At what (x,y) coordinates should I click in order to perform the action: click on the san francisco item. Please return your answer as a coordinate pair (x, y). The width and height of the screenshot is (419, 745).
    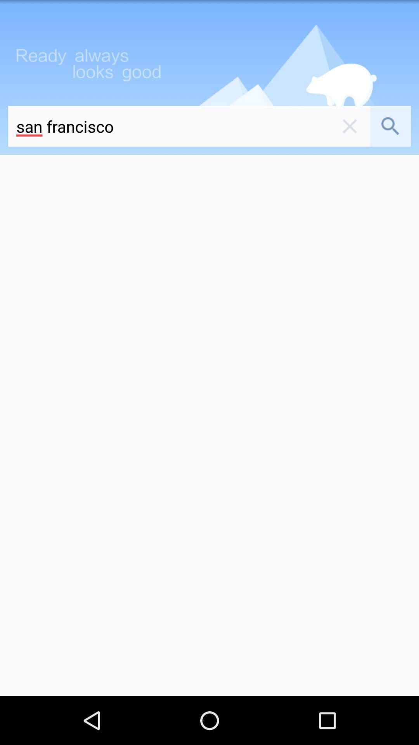
    Looking at the image, I should click on (168, 126).